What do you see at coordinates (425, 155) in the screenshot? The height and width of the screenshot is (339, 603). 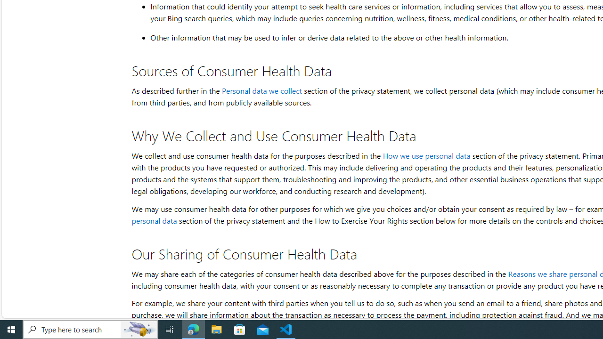 I see `'How we use personal data'` at bounding box center [425, 155].